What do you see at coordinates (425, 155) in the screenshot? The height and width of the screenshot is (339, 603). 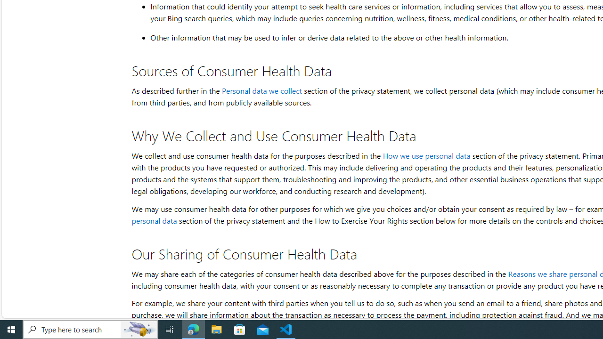 I see `'How we use personal data'` at bounding box center [425, 155].